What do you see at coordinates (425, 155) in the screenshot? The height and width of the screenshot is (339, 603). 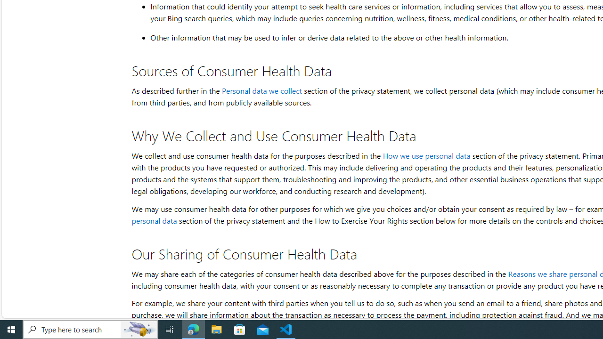 I see `'How we use personal data'` at bounding box center [425, 155].